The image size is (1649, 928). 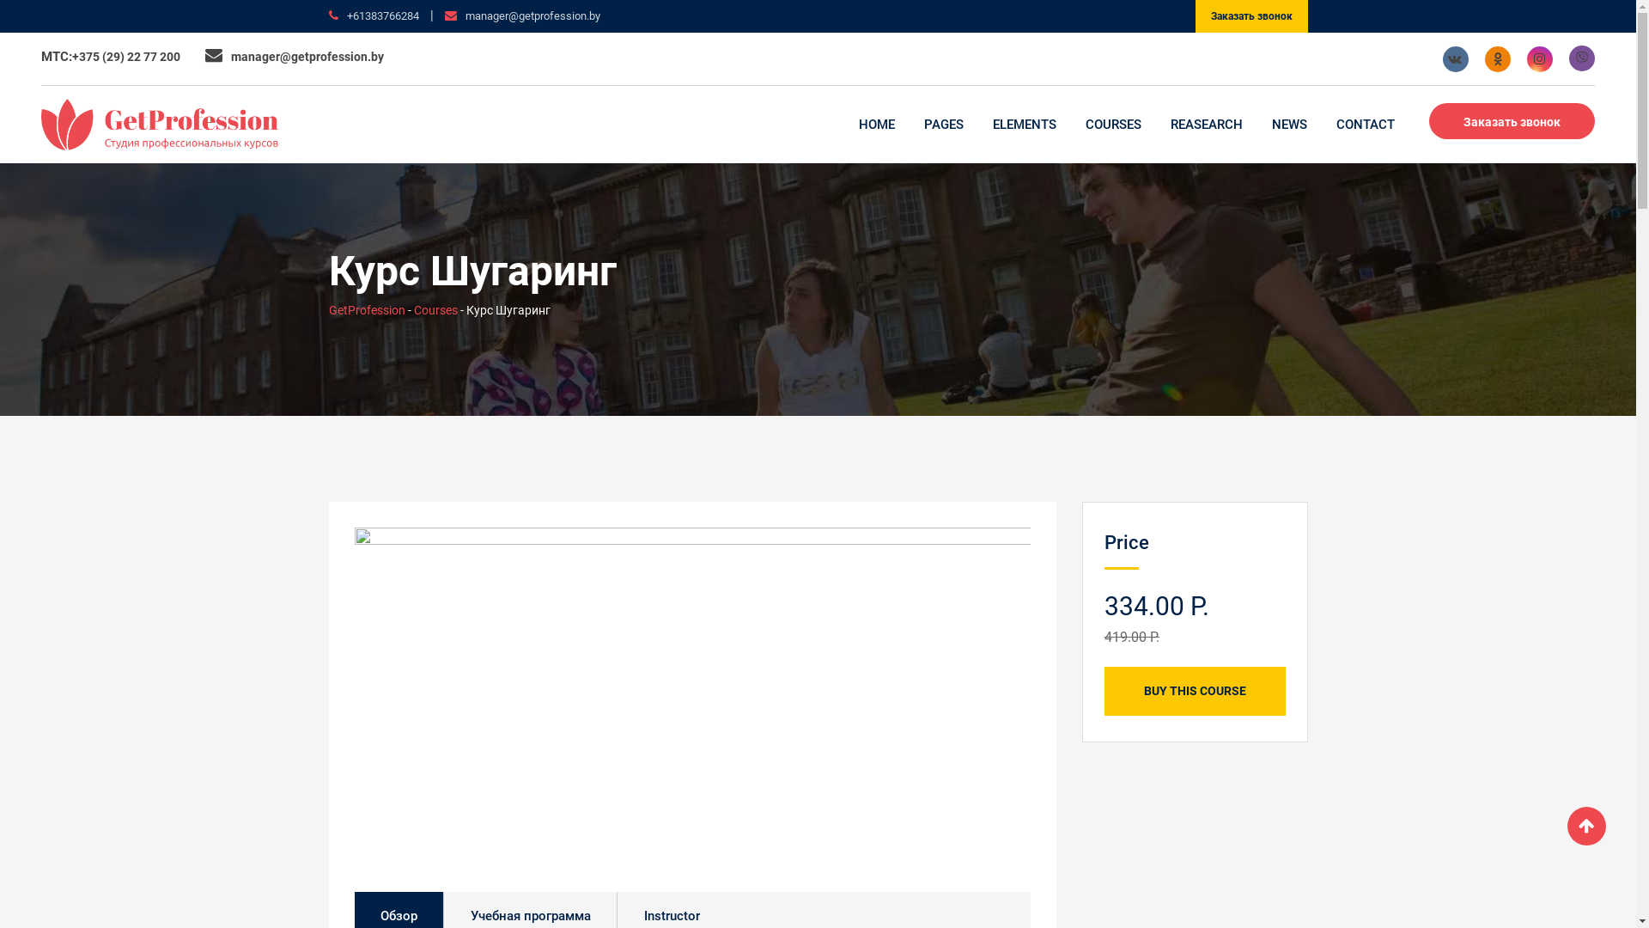 What do you see at coordinates (1289, 124) in the screenshot?
I see `'NEWS'` at bounding box center [1289, 124].